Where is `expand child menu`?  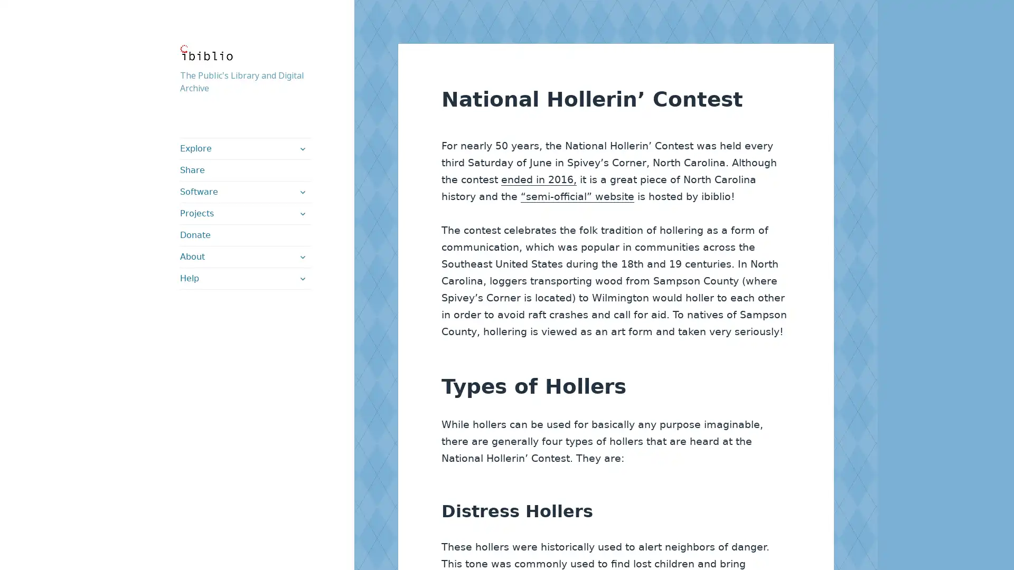
expand child menu is located at coordinates (301, 148).